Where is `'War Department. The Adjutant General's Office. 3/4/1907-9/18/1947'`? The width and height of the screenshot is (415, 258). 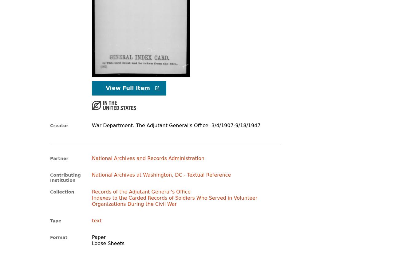
'War Department. The Adjutant General's Office. 3/4/1907-9/18/1947' is located at coordinates (91, 125).